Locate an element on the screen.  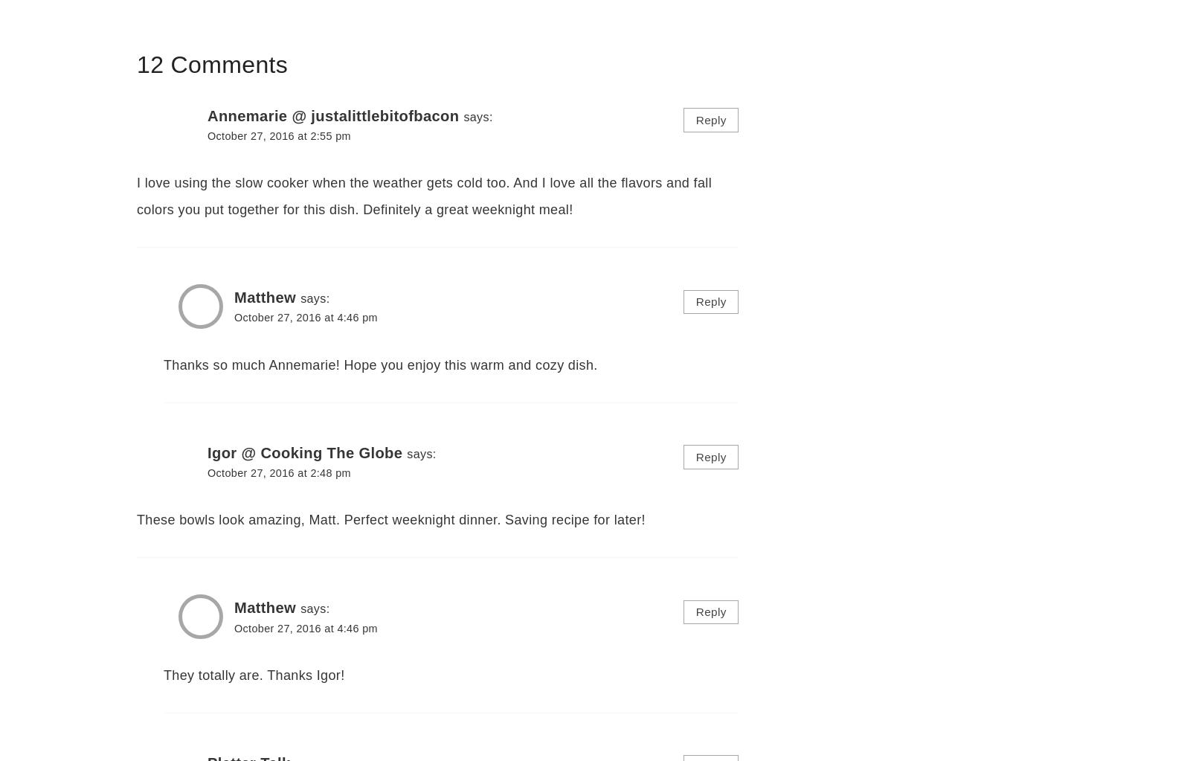
'These bowls look amazing, Matt. Perfect weeknight dinner. Saving recipe for later!' is located at coordinates (136, 519).